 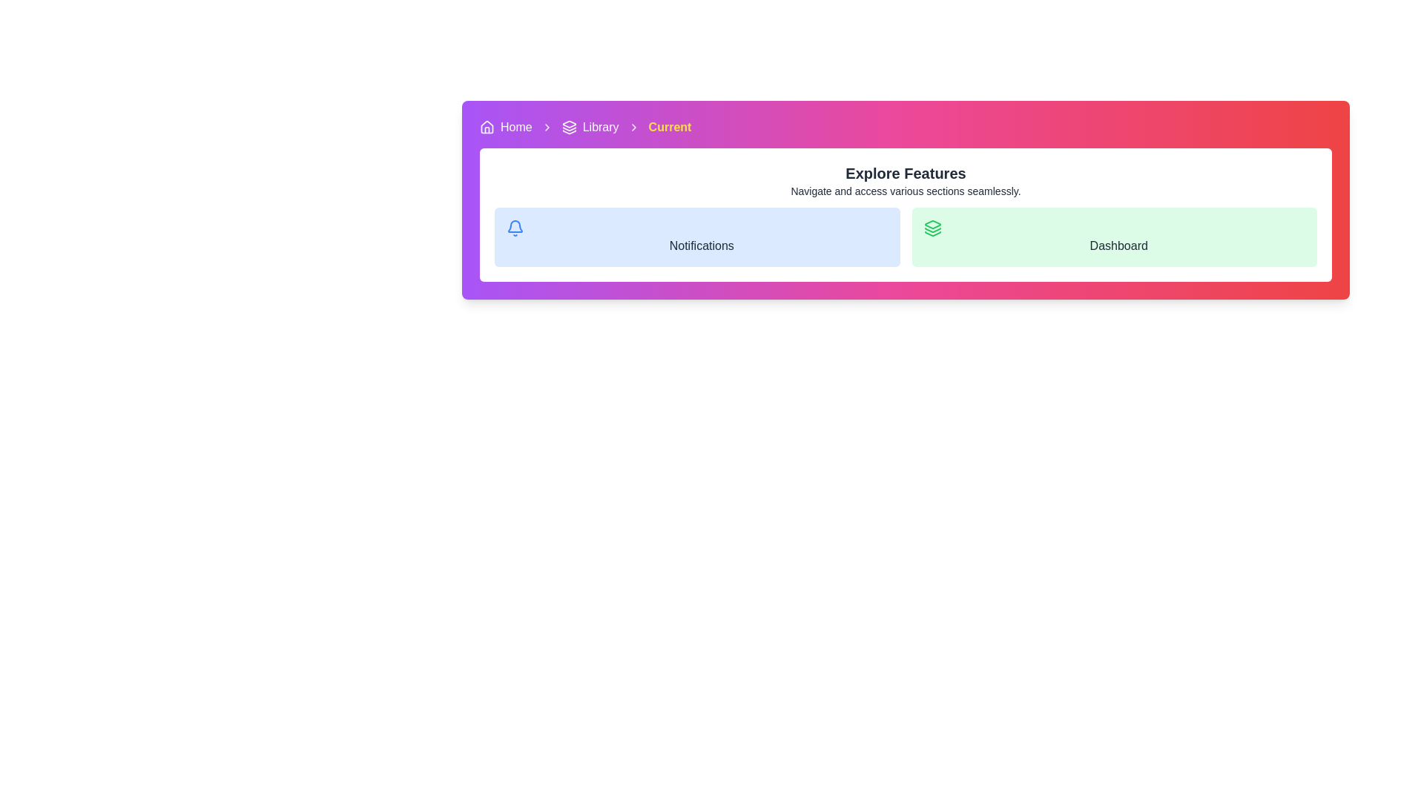 What do you see at coordinates (601, 127) in the screenshot?
I see `the hyperlink in the breadcrumb navigation bar, positioned between an icon and the label 'Current'` at bounding box center [601, 127].